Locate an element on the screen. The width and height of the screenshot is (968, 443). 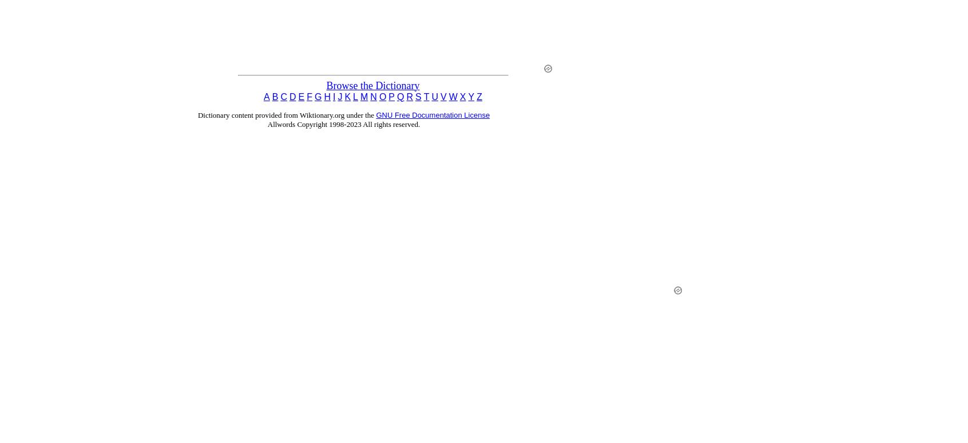
'X' is located at coordinates (462, 95).